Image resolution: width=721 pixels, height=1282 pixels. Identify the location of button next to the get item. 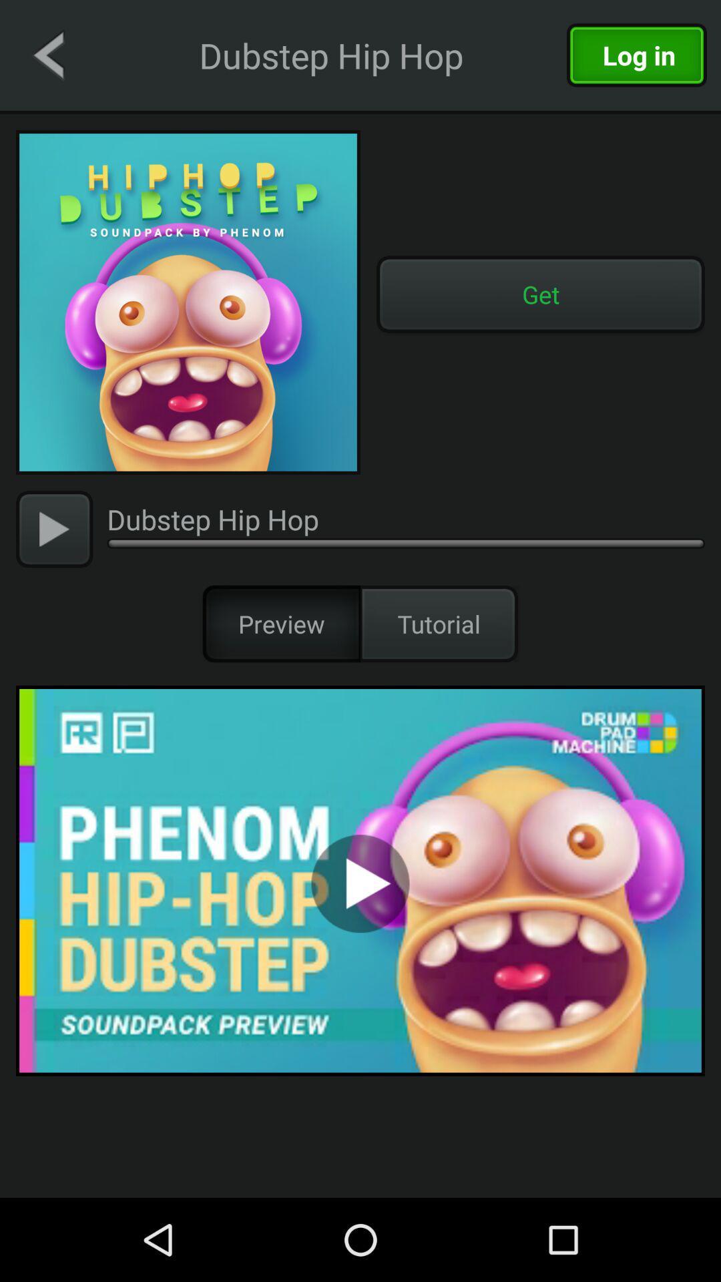
(188, 301).